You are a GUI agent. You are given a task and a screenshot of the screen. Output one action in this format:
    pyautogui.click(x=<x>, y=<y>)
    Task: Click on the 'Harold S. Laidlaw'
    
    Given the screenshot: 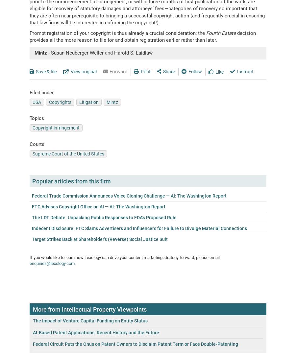 What is the action you would take?
    pyautogui.click(x=133, y=52)
    